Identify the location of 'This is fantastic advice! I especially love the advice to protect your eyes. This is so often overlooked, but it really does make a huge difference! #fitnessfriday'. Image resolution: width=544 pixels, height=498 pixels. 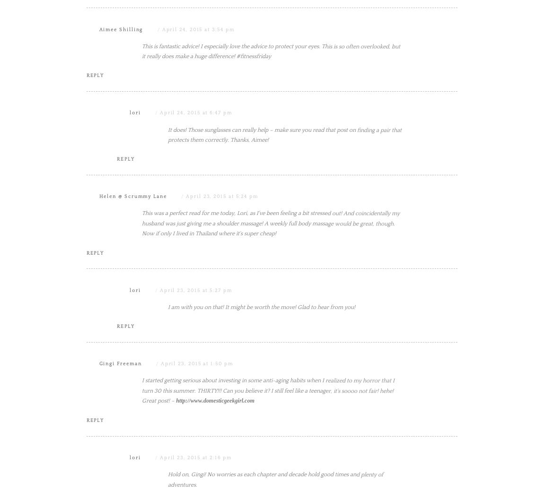
(271, 146).